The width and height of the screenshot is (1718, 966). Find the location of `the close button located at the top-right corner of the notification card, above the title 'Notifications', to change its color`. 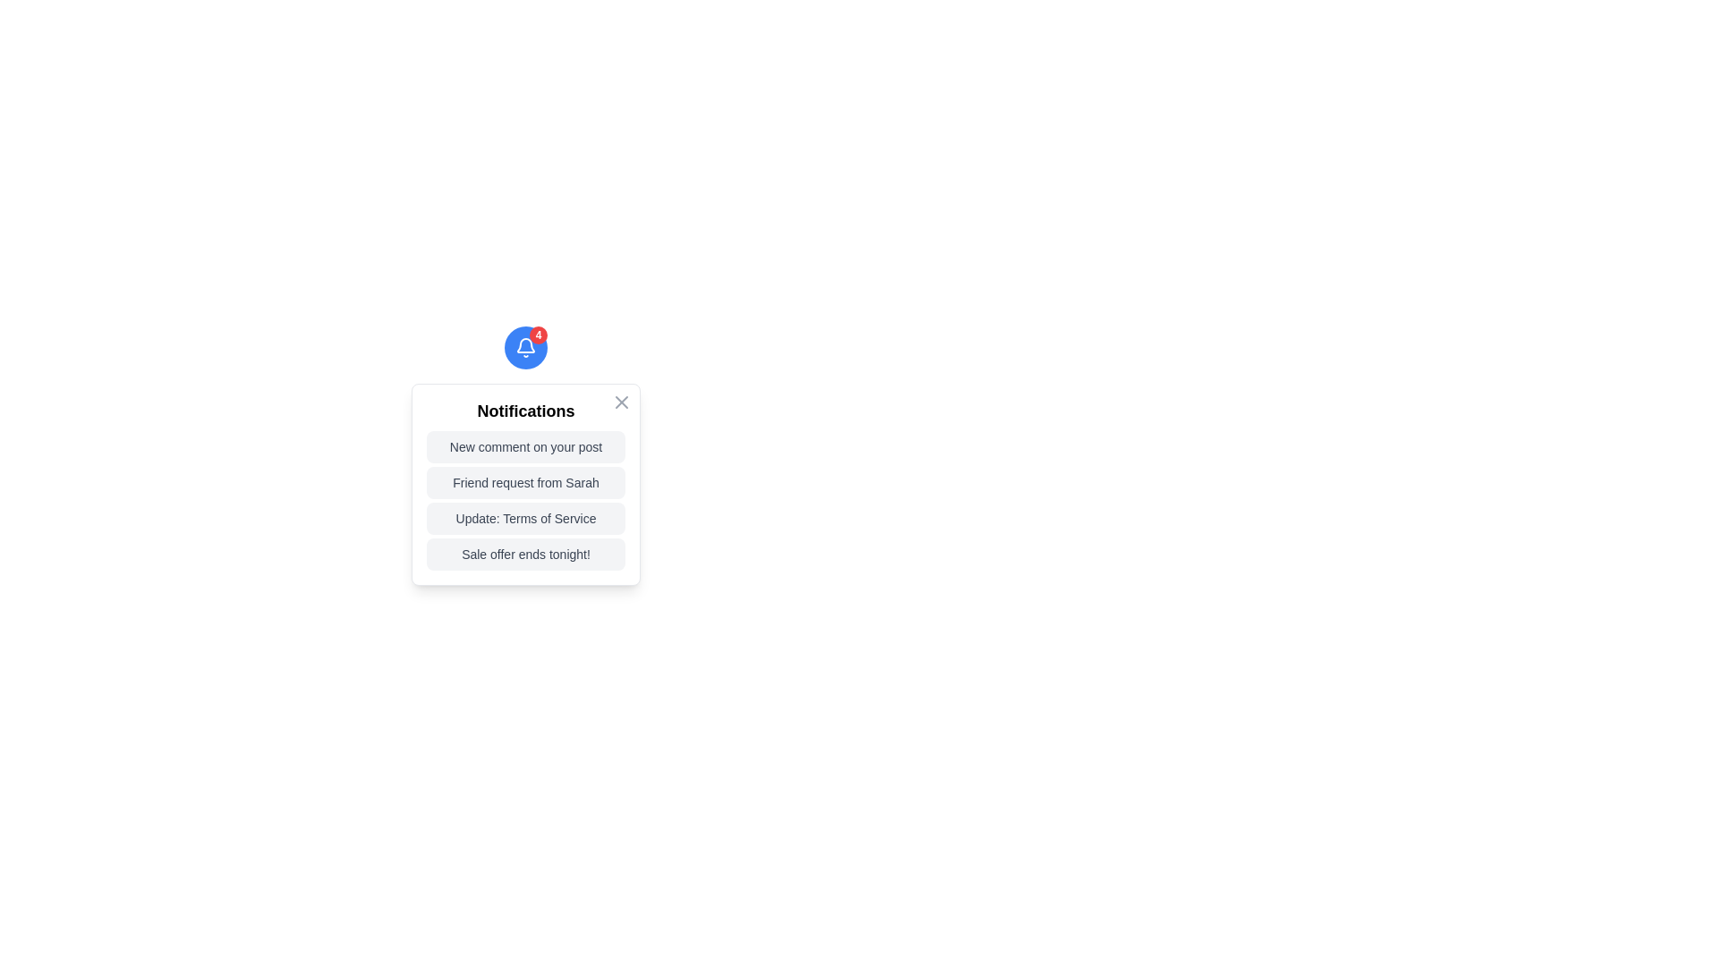

the close button located at the top-right corner of the notification card, above the title 'Notifications', to change its color is located at coordinates (622, 402).